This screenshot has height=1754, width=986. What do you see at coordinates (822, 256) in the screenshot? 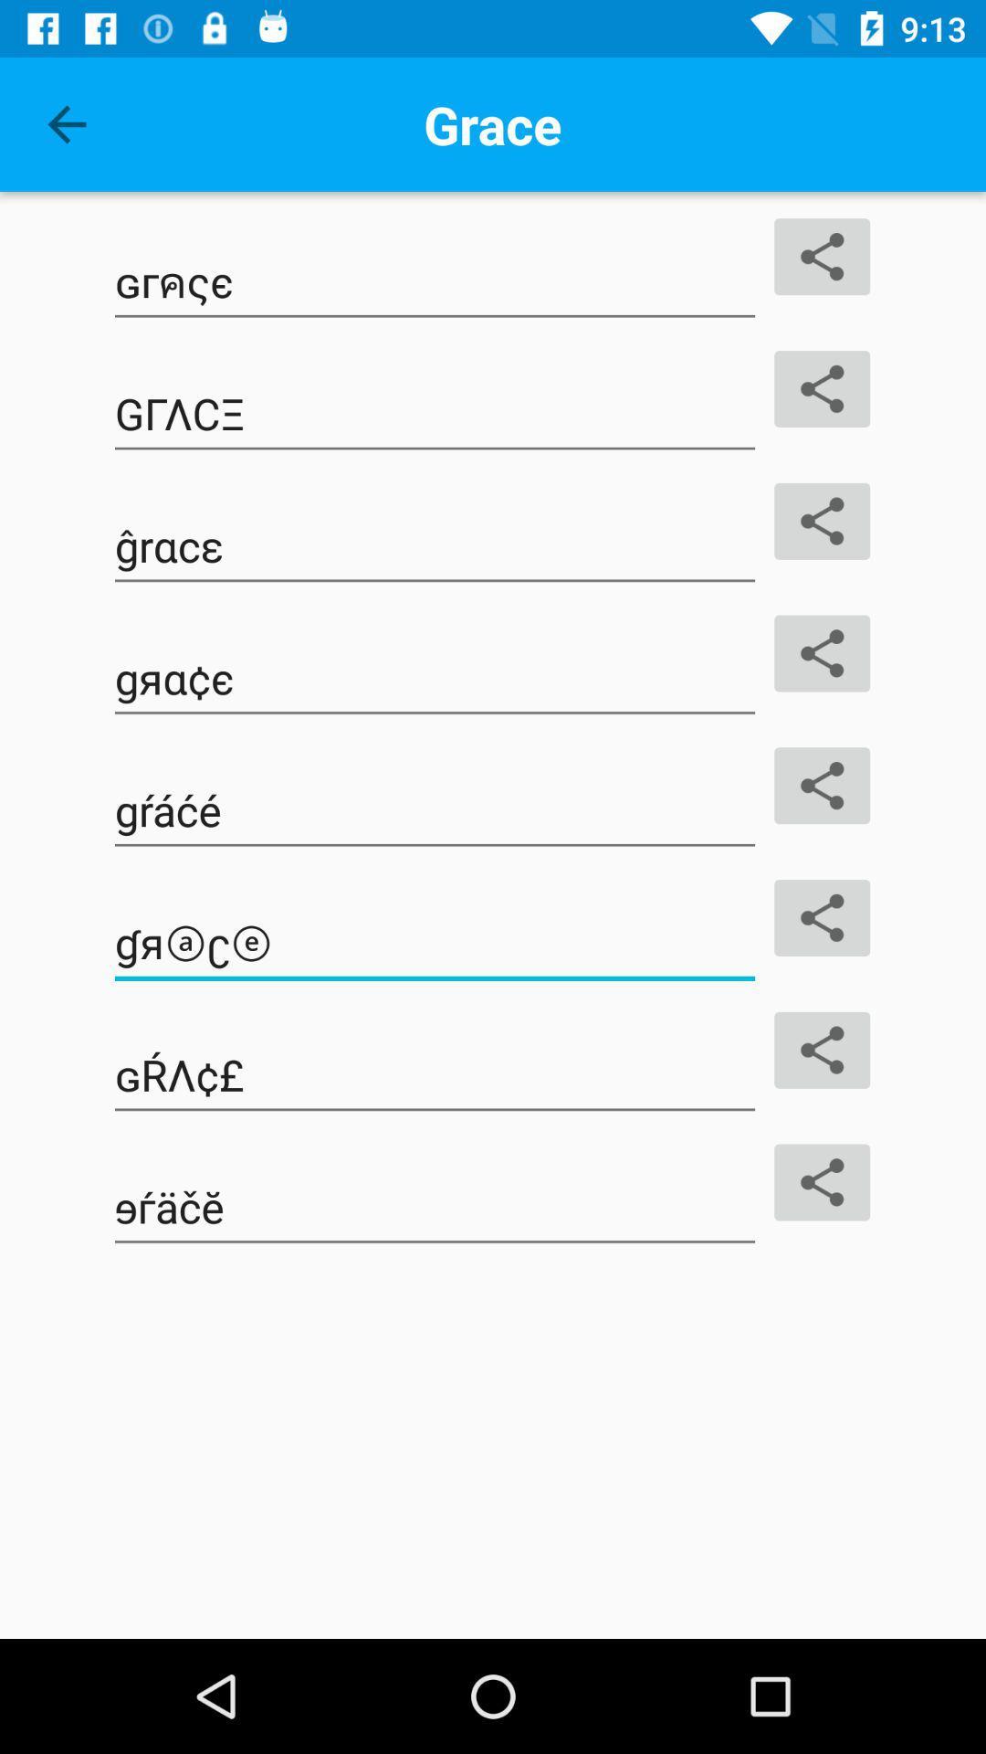
I see `the share icon` at bounding box center [822, 256].